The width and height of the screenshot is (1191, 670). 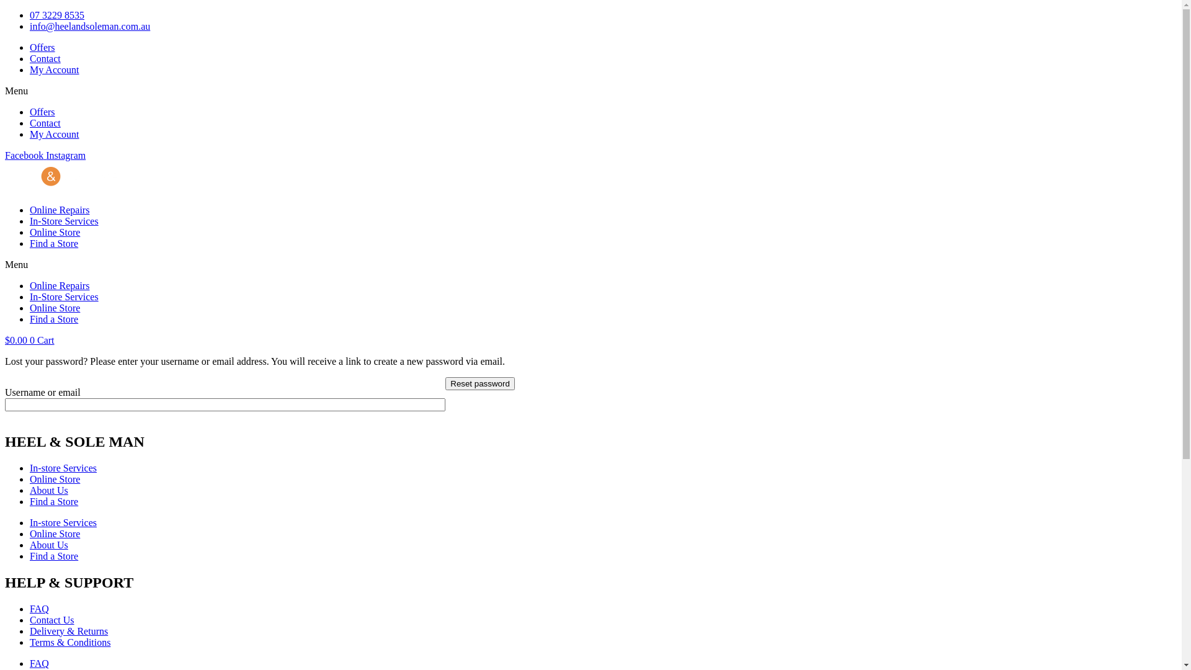 I want to click on 'In-store Services', so click(x=62, y=468).